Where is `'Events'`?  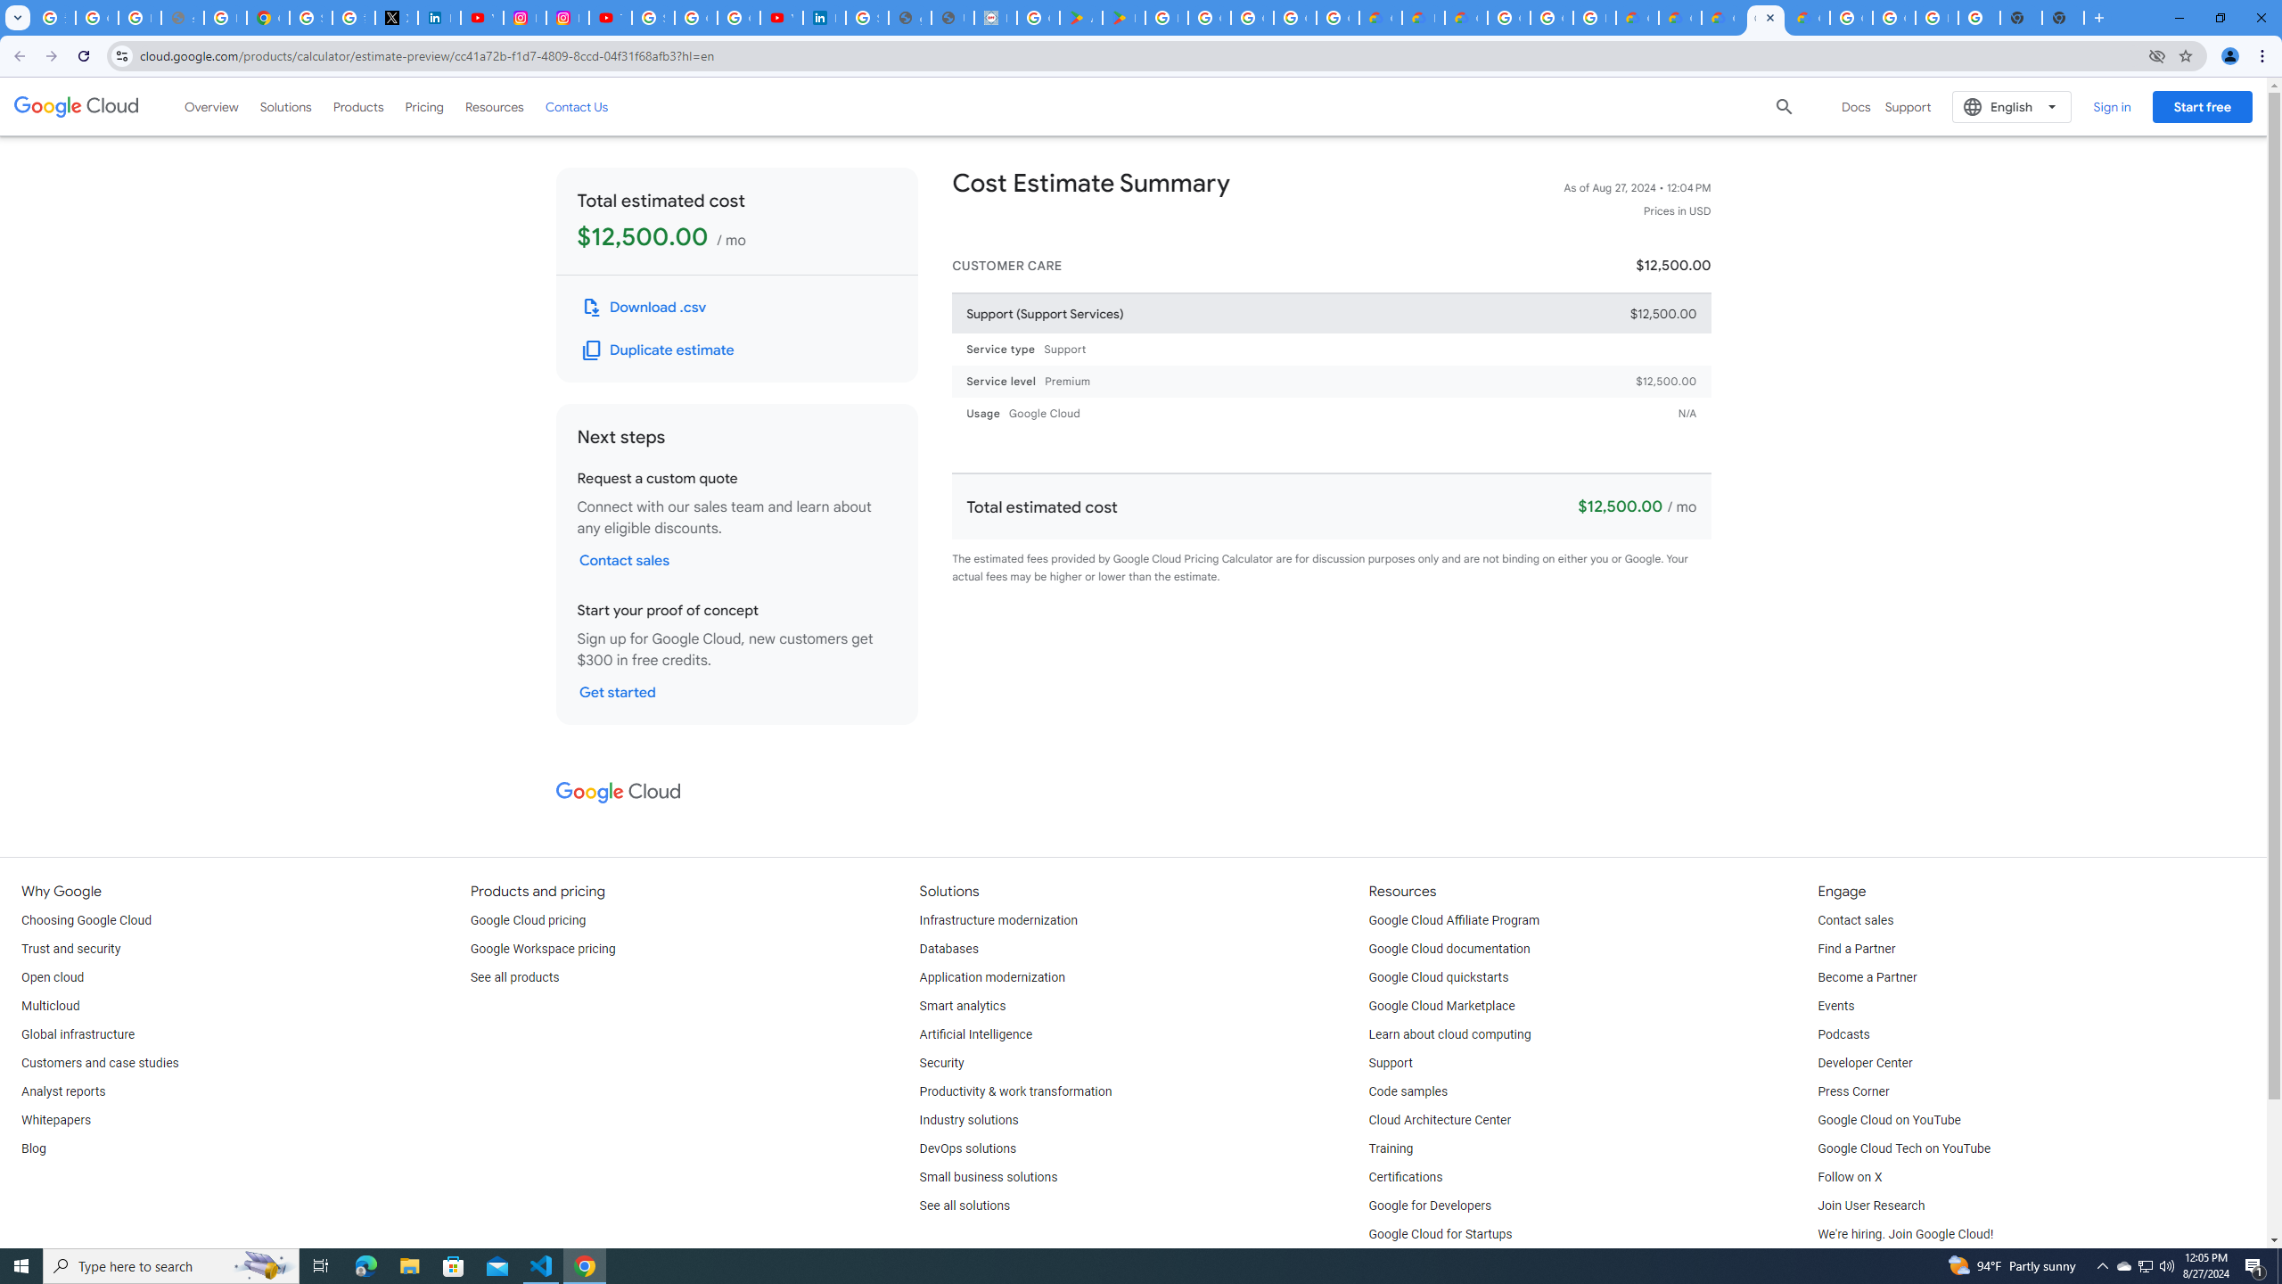
'Events' is located at coordinates (1835, 1005).